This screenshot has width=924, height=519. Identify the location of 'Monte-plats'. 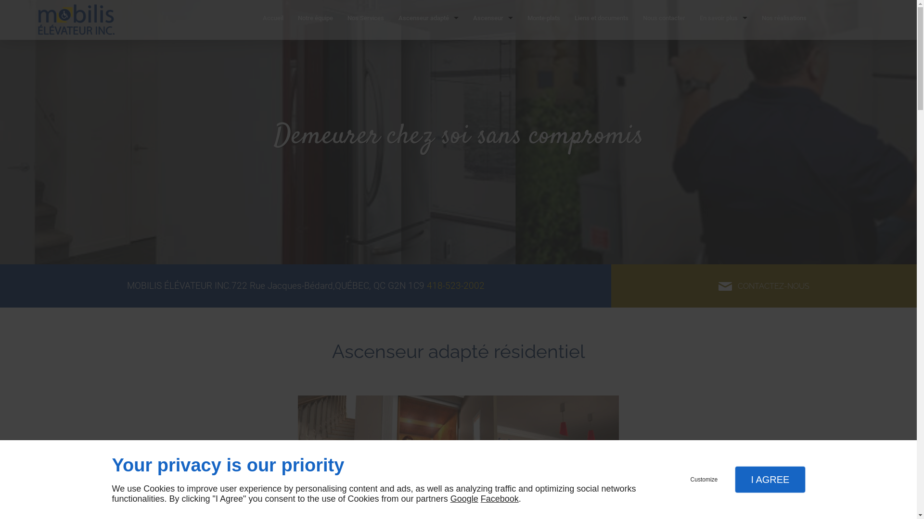
(543, 20).